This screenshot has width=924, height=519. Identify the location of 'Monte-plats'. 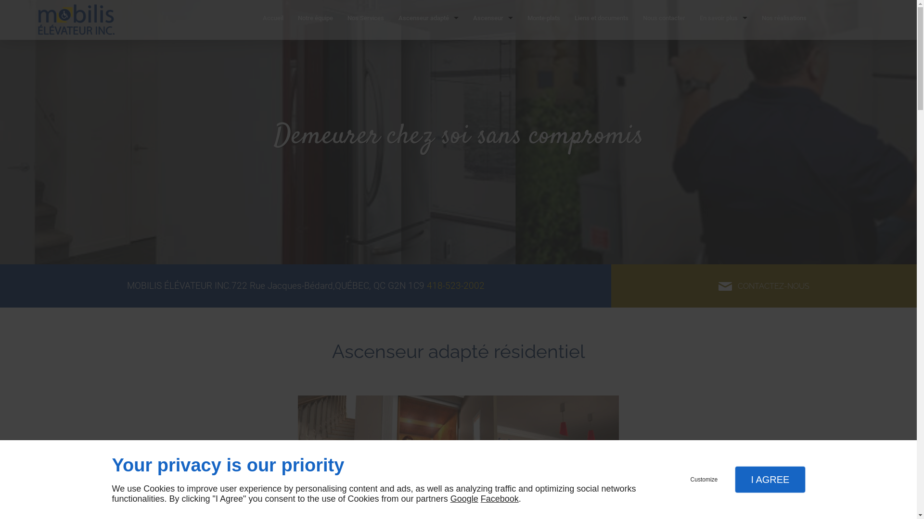
(543, 20).